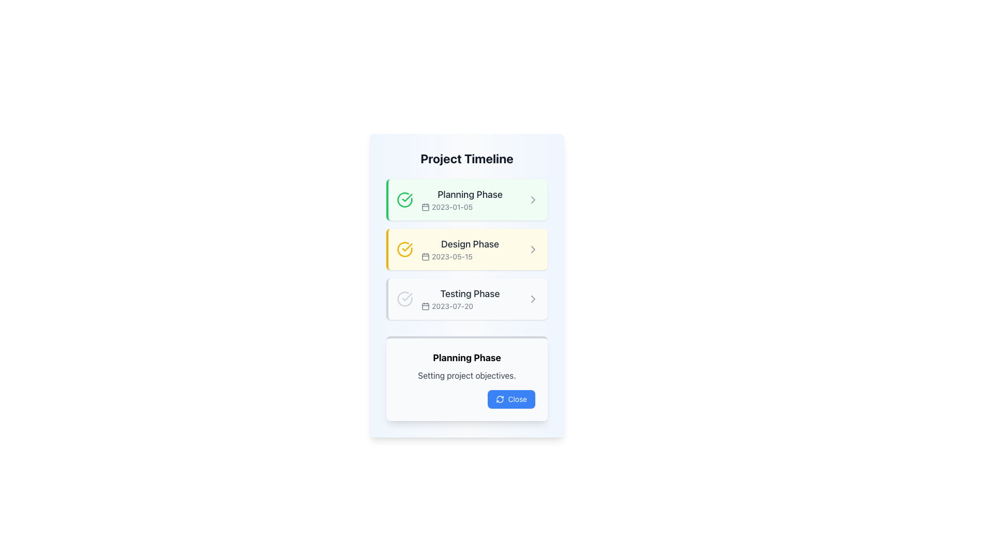 Image resolution: width=993 pixels, height=558 pixels. I want to click on the completion status icon located at the left side of the third row in the timeline area, adjacent to the 'Testing Phase' label, so click(404, 299).